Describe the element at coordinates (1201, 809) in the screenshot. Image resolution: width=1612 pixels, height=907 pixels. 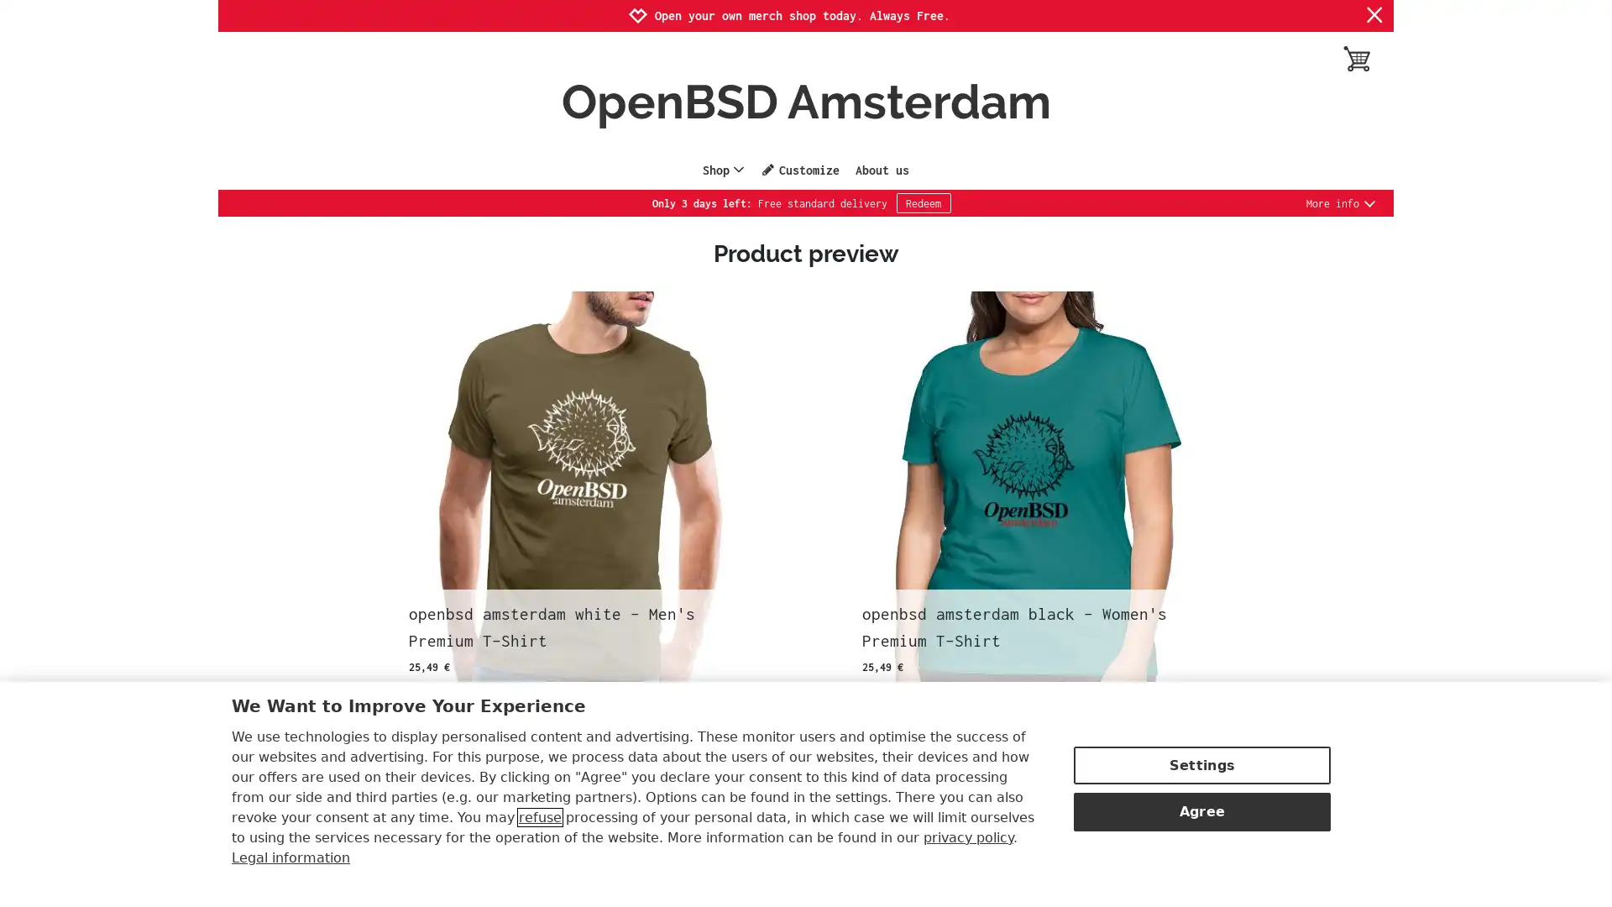
I see `Agree` at that location.